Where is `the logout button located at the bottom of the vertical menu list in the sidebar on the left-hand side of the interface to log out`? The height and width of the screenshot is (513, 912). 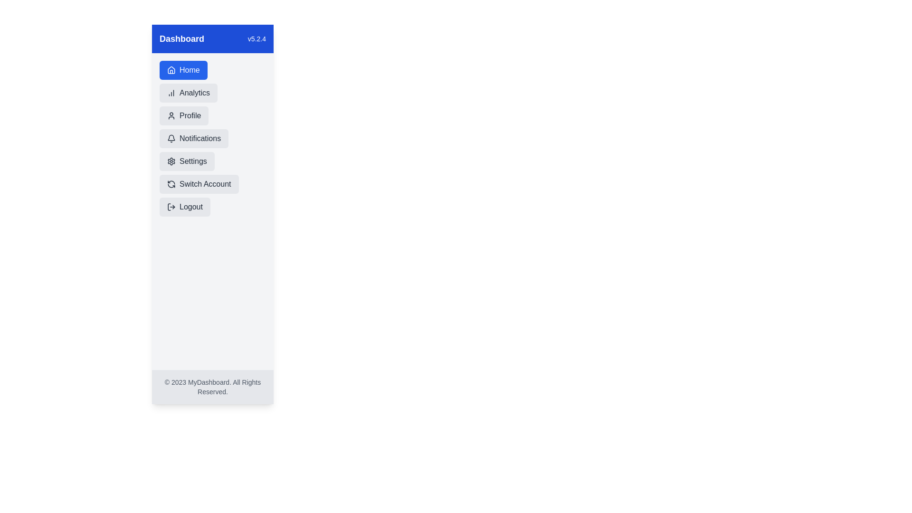 the logout button located at the bottom of the vertical menu list in the sidebar on the left-hand side of the interface to log out is located at coordinates (185, 206).